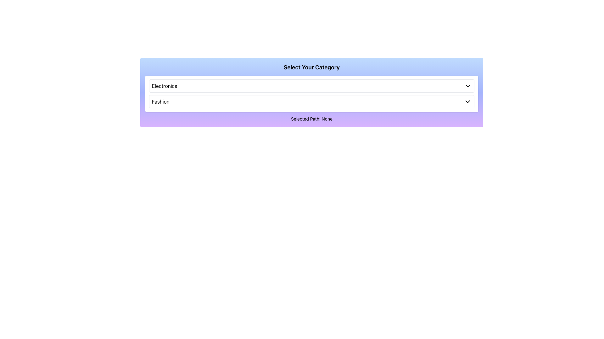 The width and height of the screenshot is (604, 339). I want to click on the downward-pointing chevron icon located to the far right of the 'Fashion' selection area, so click(468, 101).